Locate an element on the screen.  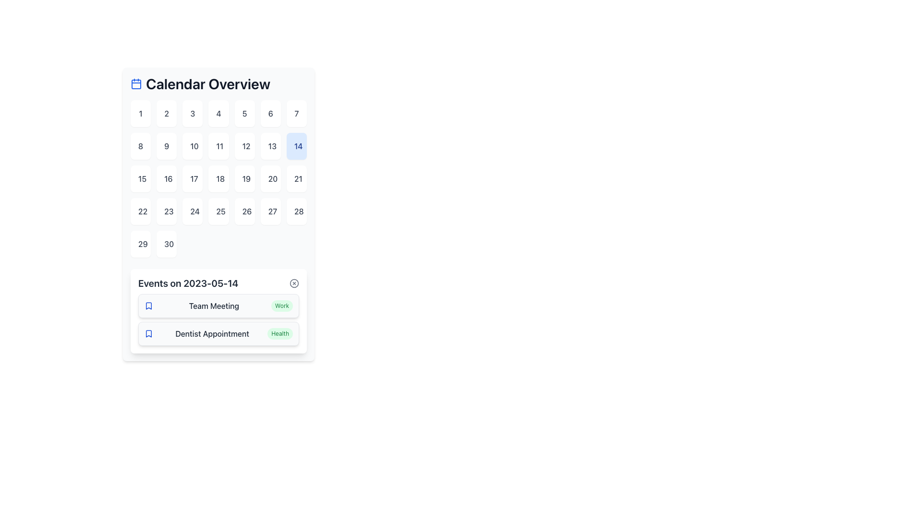
the button displaying the number '28' is located at coordinates (296, 211).